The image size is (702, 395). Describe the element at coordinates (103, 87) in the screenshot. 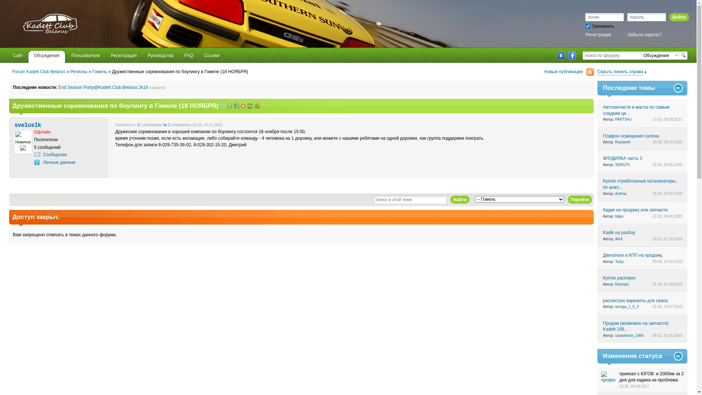

I see `'End Season Party@Kadett Club Belarus 2k16'` at that location.